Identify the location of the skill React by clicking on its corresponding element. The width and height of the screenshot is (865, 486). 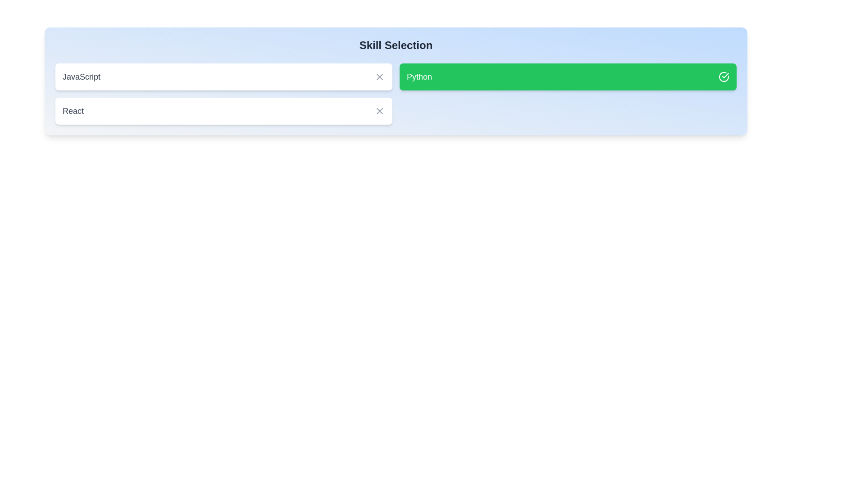
(224, 110).